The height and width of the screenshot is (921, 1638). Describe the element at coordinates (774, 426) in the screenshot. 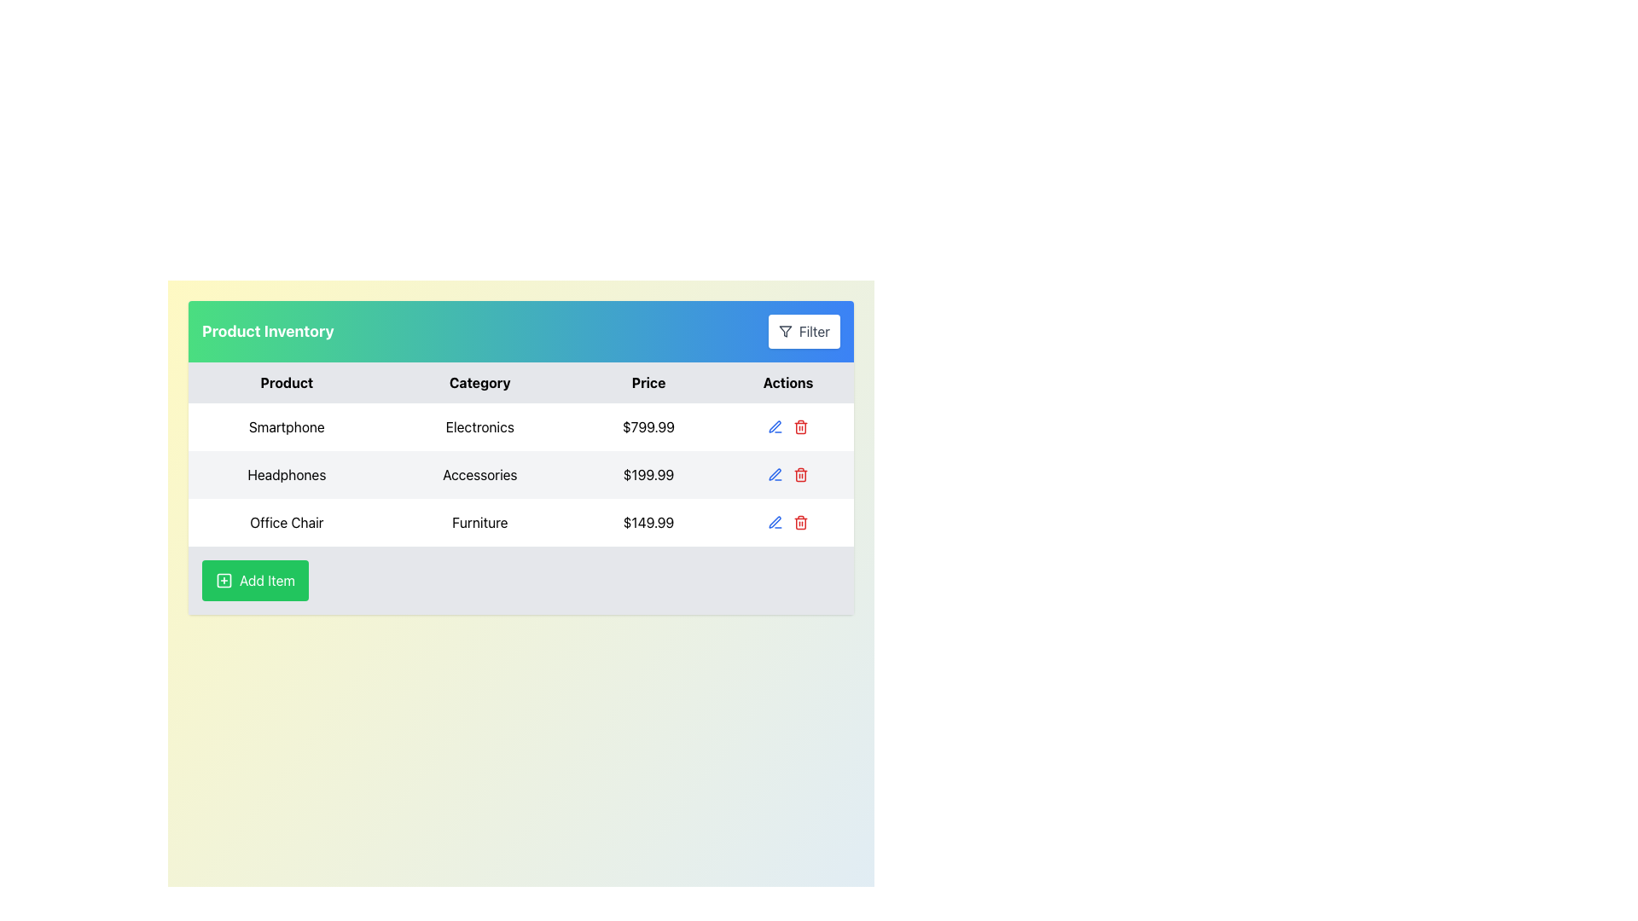

I see `the pen icon in the Actions column of the second row to initiate the edit action for the Headphones product` at that location.